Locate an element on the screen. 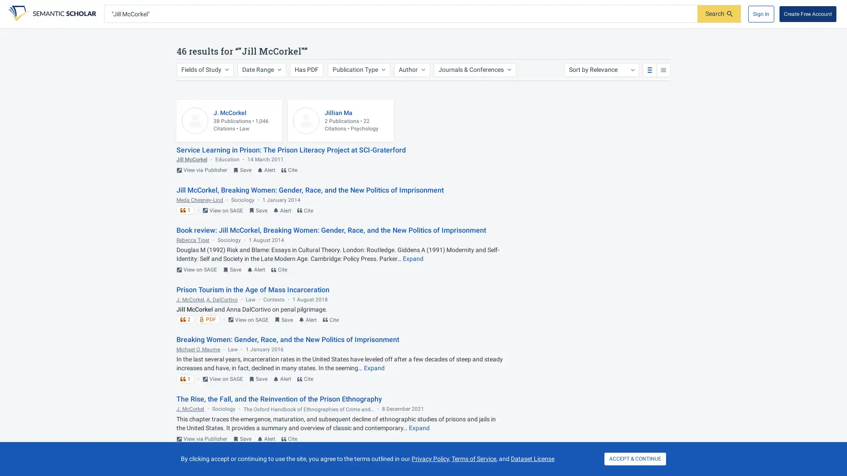 This screenshot has width=847, height=476. Journals & Conferences is located at coordinates (474, 69).